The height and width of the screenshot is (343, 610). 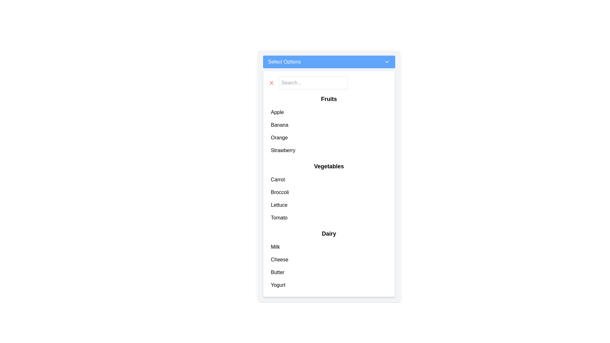 What do you see at coordinates (280, 192) in the screenshot?
I see `the text 'Broccoli' which is the second item under the 'Vegetables' section in the selectable list` at bounding box center [280, 192].